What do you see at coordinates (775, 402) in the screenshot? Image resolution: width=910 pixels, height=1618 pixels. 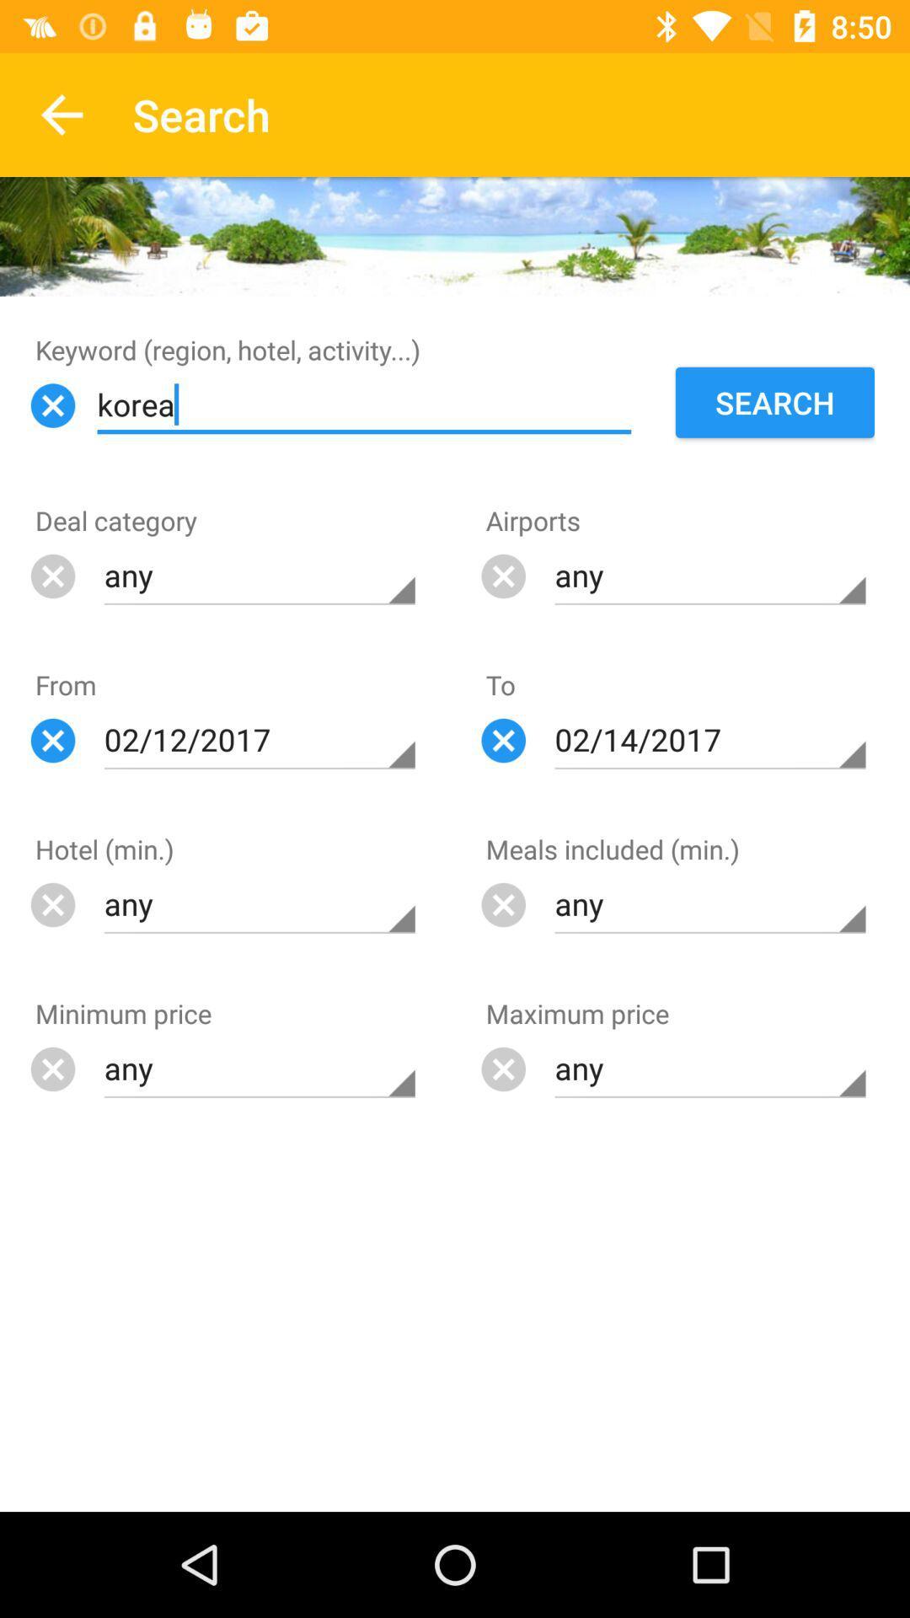 I see `search` at bounding box center [775, 402].